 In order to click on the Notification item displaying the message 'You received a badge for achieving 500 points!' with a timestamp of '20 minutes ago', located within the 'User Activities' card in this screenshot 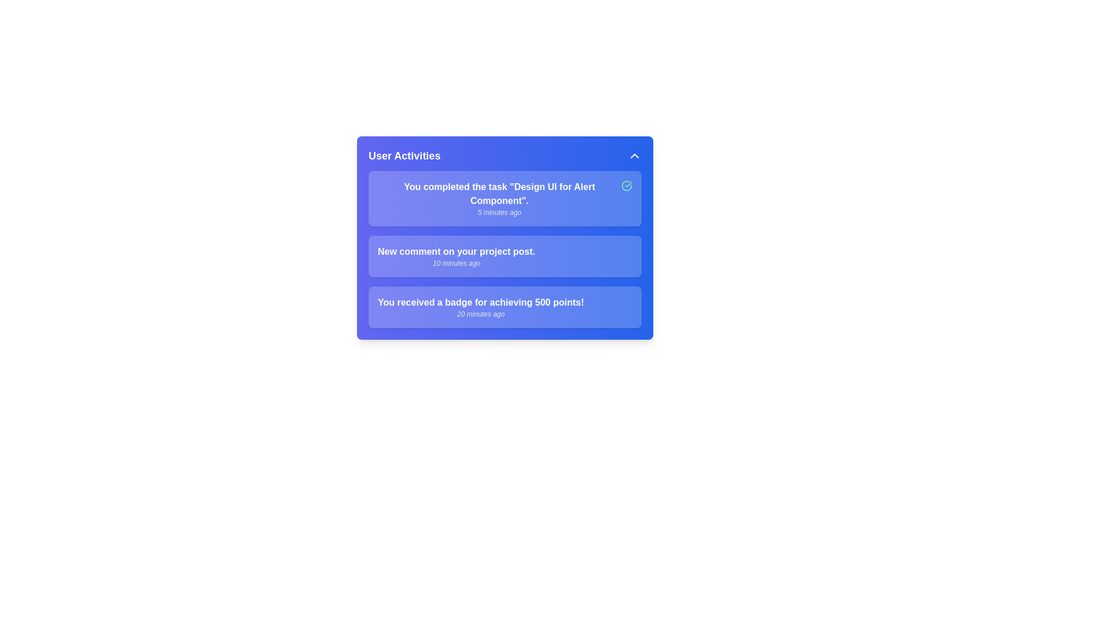, I will do `click(481, 307)`.